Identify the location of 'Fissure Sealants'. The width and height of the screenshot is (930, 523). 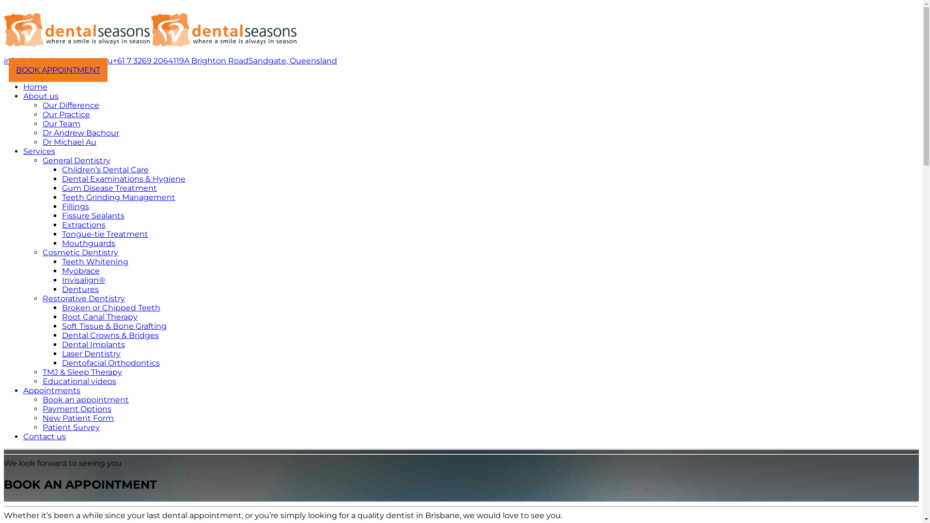
(93, 215).